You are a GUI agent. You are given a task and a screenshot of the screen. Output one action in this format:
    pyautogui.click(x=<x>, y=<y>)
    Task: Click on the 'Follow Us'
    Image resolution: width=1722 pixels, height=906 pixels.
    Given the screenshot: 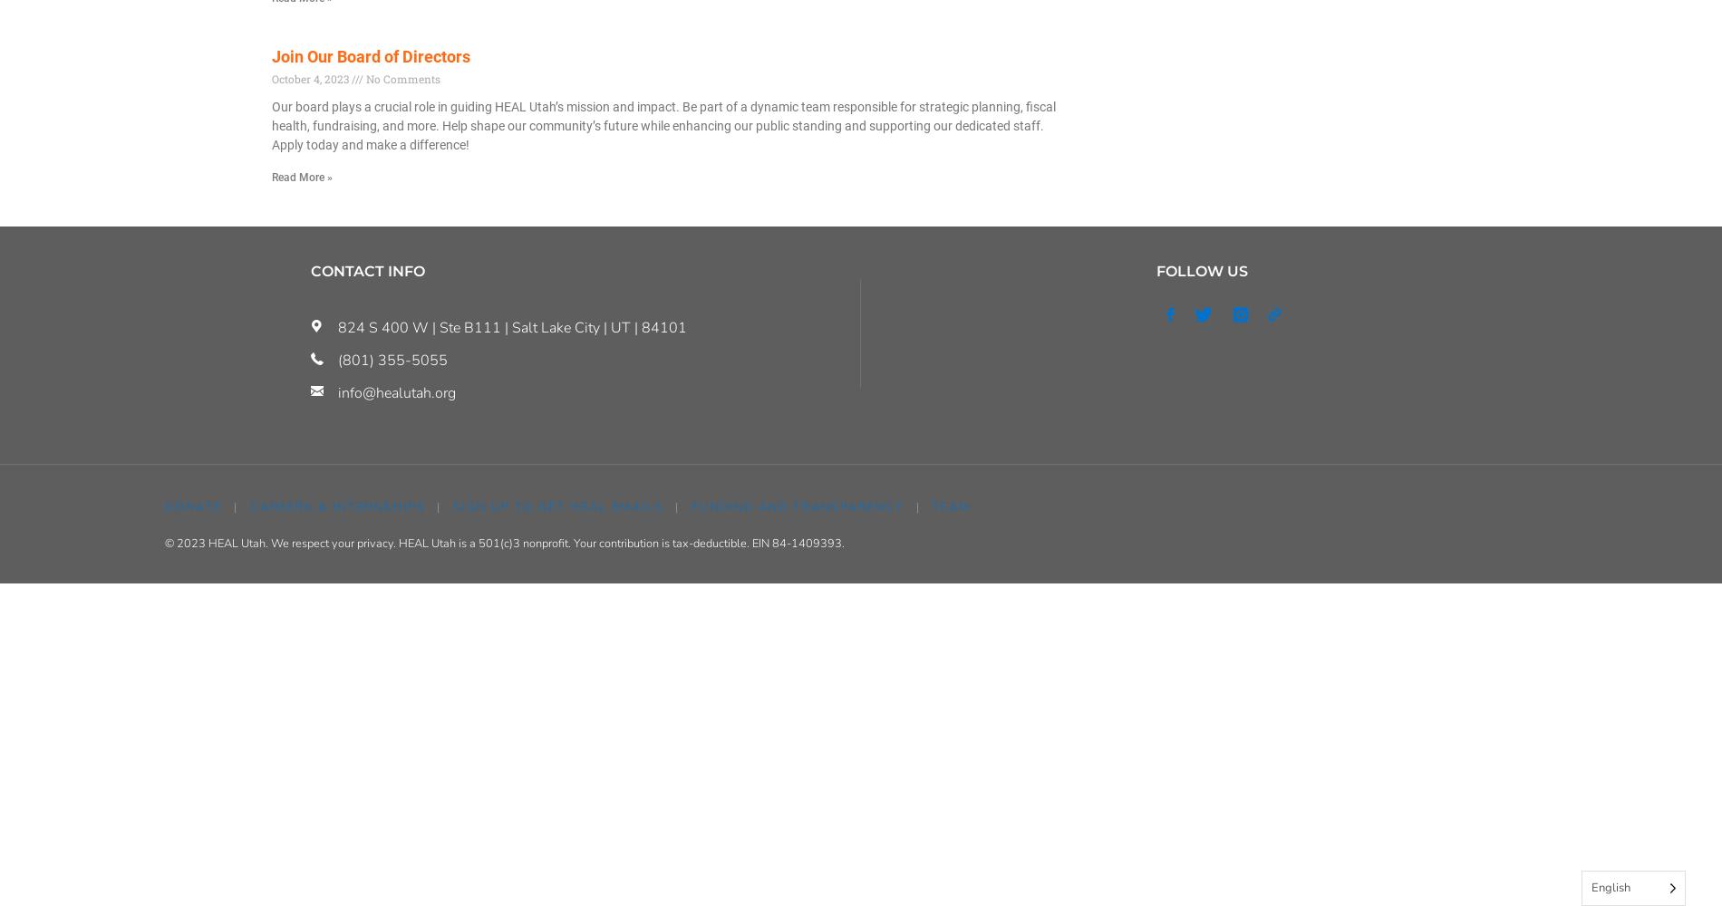 What is the action you would take?
    pyautogui.click(x=1200, y=270)
    